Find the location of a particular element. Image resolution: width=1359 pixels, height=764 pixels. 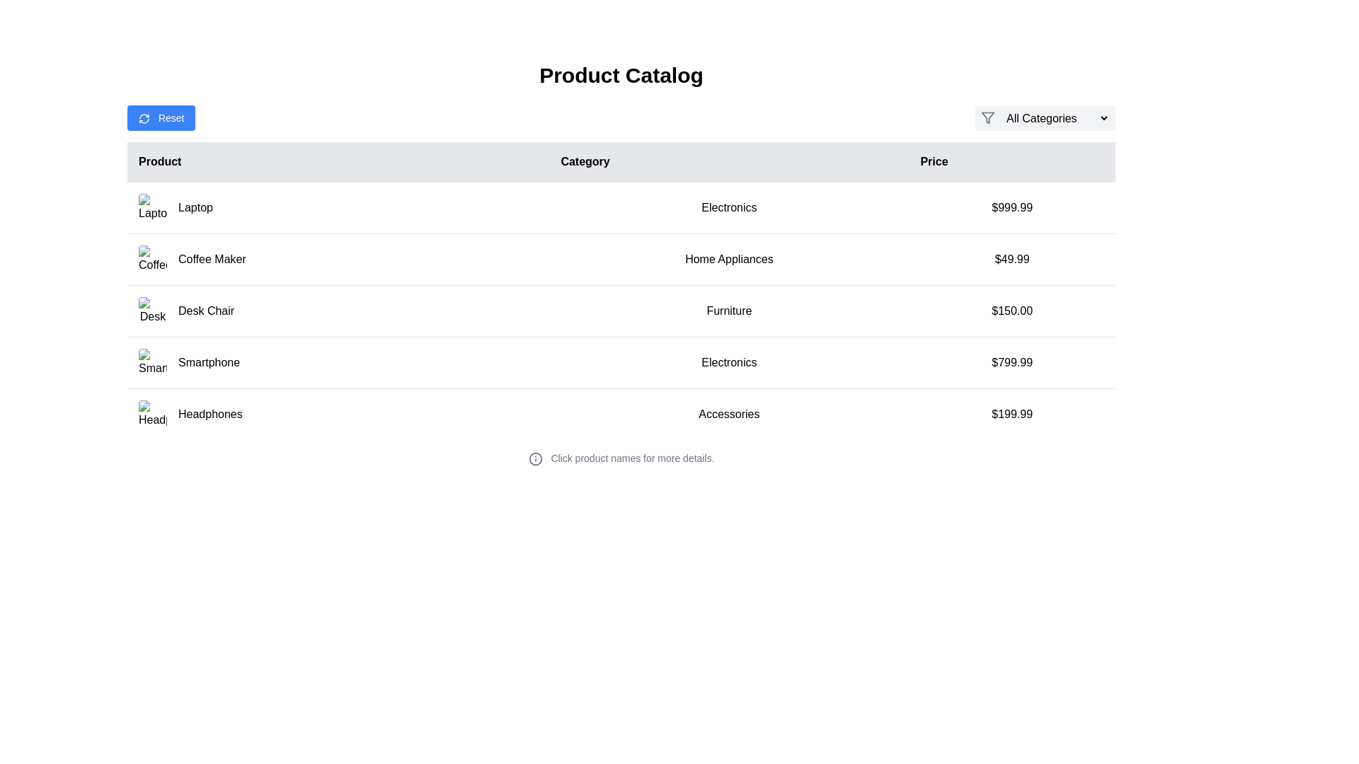

the reset button located at the top left of the header interface is located at coordinates (161, 117).